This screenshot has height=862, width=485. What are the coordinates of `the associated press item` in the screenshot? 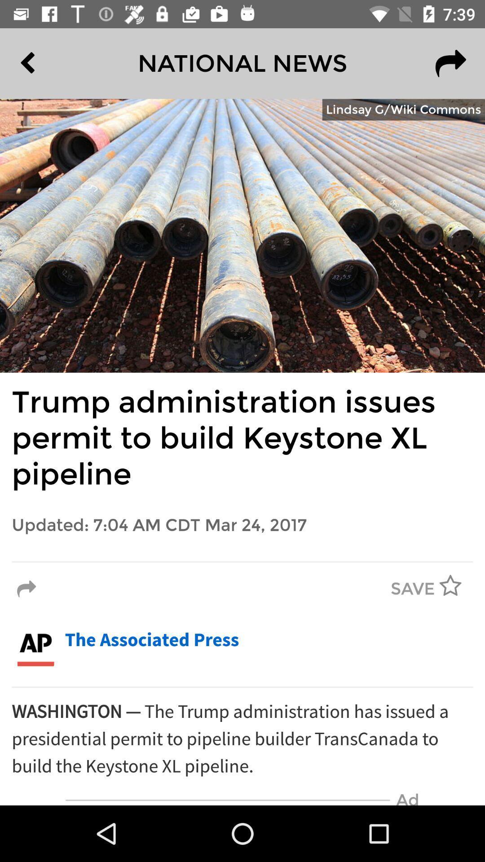 It's located at (151, 640).